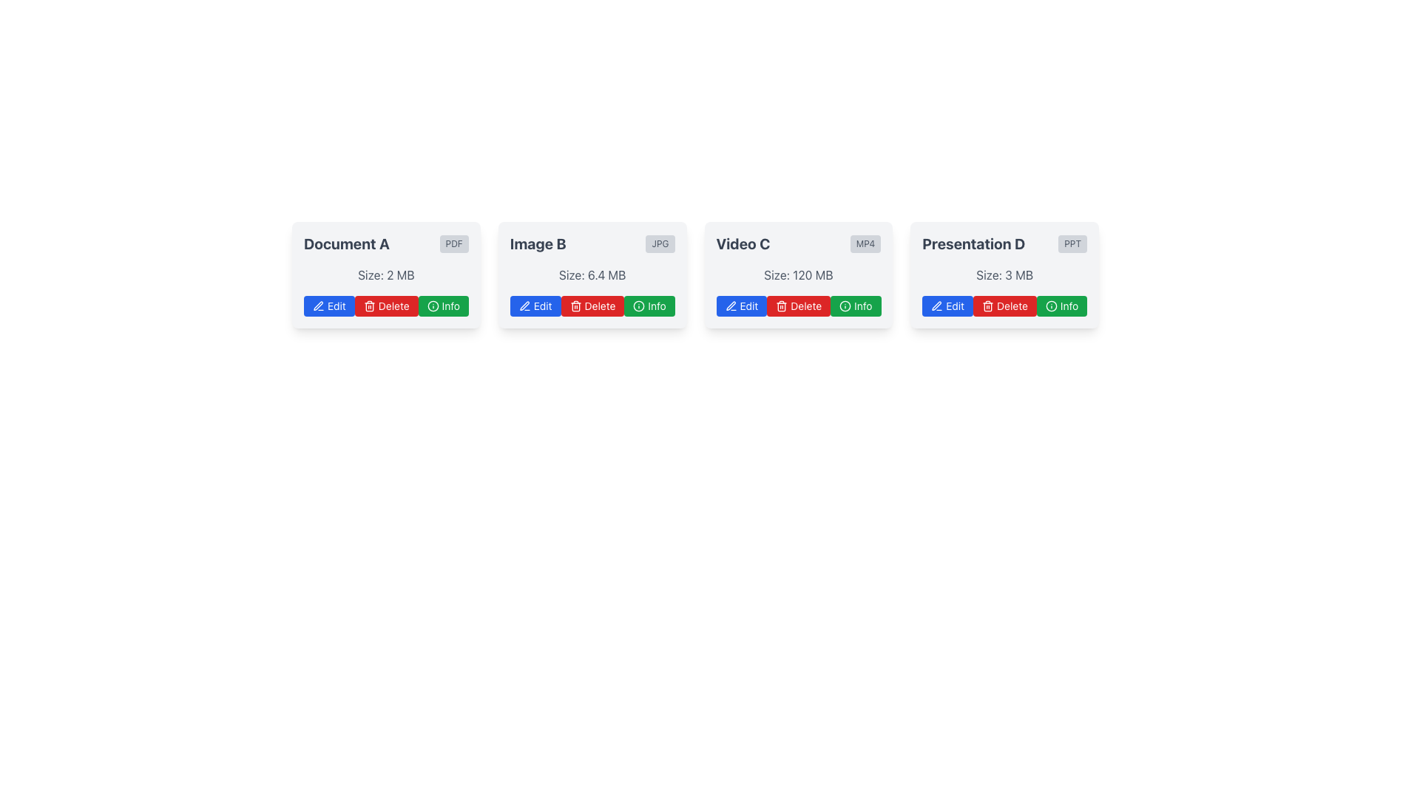 This screenshot has height=799, width=1420. What do you see at coordinates (639, 305) in the screenshot?
I see `the SVG Circle decorative element that serves as the circular background of the information icon within the 'Info' button at the bottom-right corner of the card labeled 'Image B'` at bounding box center [639, 305].